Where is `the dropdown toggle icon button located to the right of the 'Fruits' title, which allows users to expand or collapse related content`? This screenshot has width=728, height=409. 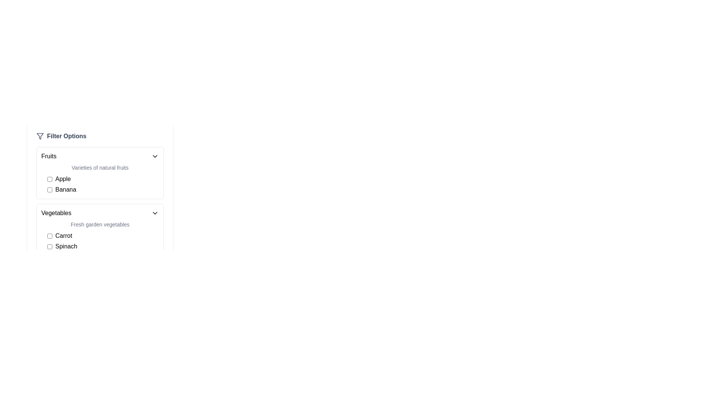
the dropdown toggle icon button located to the right of the 'Fruits' title, which allows users to expand or collapse related content is located at coordinates (154, 156).